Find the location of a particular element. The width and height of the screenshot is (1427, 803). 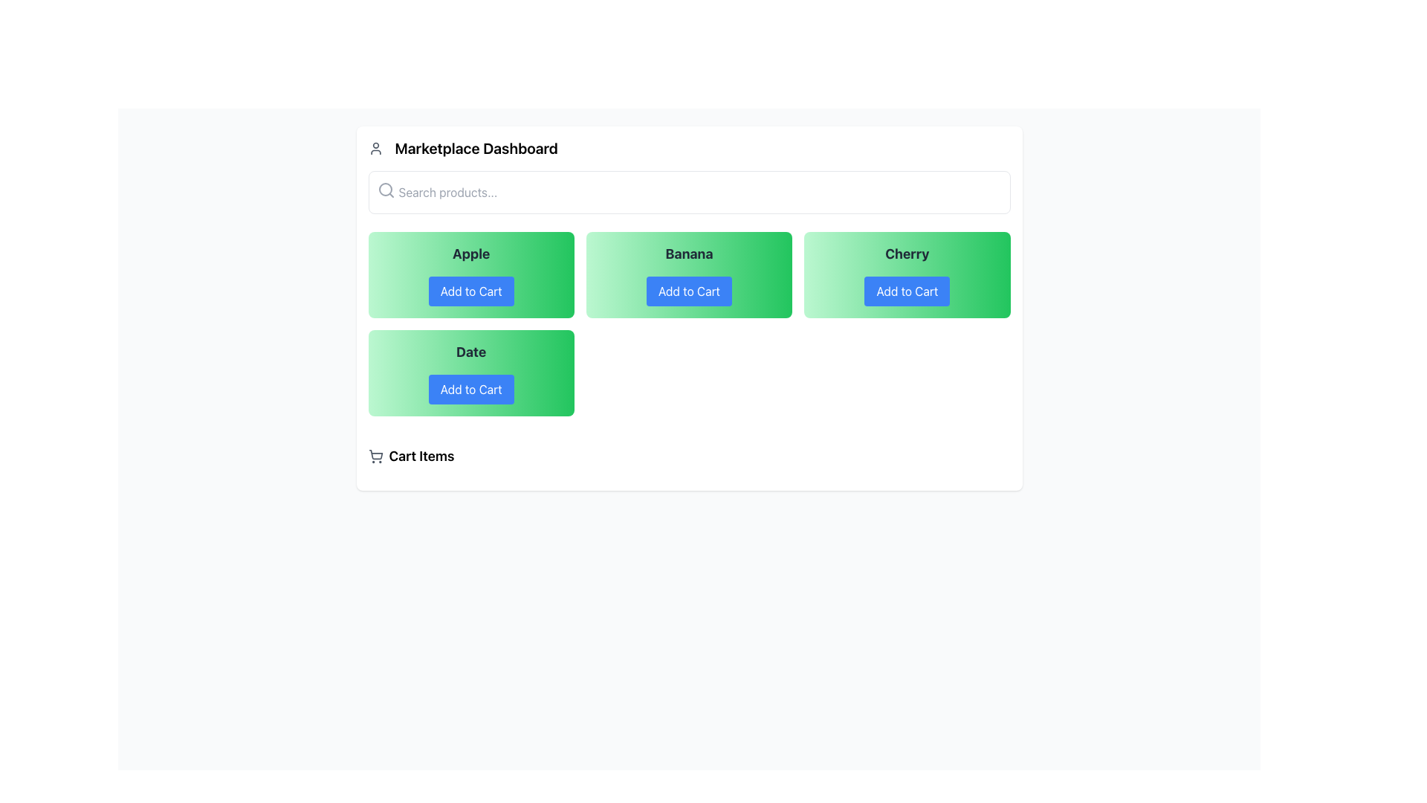

the 'Cart Items' Static Text Label, which is styled in bold black font and positioned near the bottom-left of the interface, indicating cart-related information is located at coordinates (421, 455).